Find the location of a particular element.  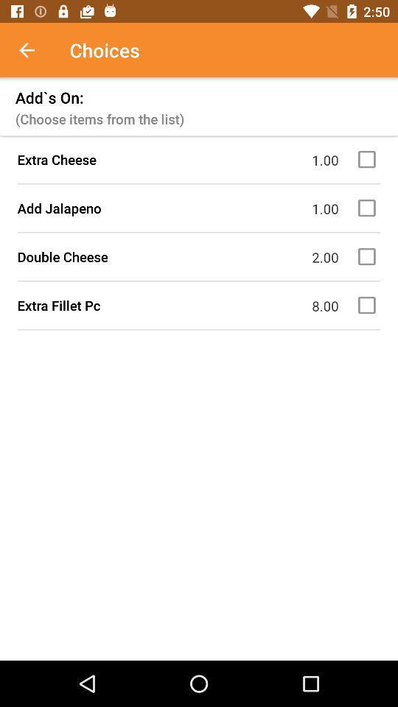

icon to the left of the choices icon is located at coordinates (35, 50).